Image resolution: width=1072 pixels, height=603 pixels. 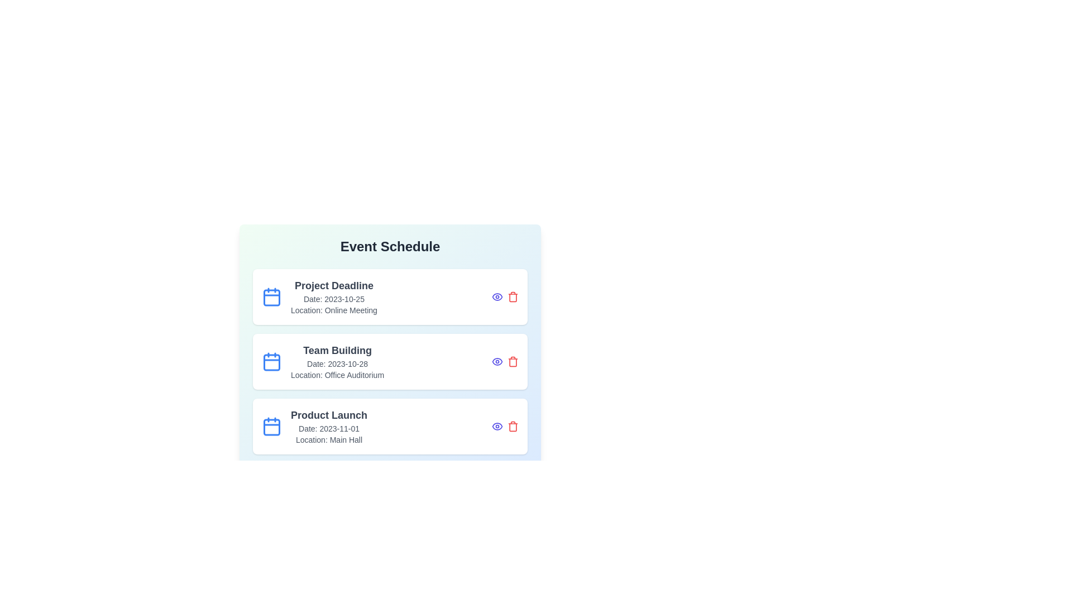 What do you see at coordinates (271, 296) in the screenshot?
I see `the calendar icon for the event Project Deadline` at bounding box center [271, 296].